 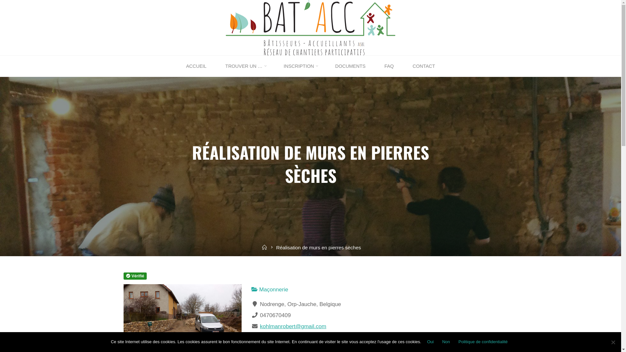 What do you see at coordinates (310, 27) in the screenshot?
I see `'Bat'Acc'` at bounding box center [310, 27].